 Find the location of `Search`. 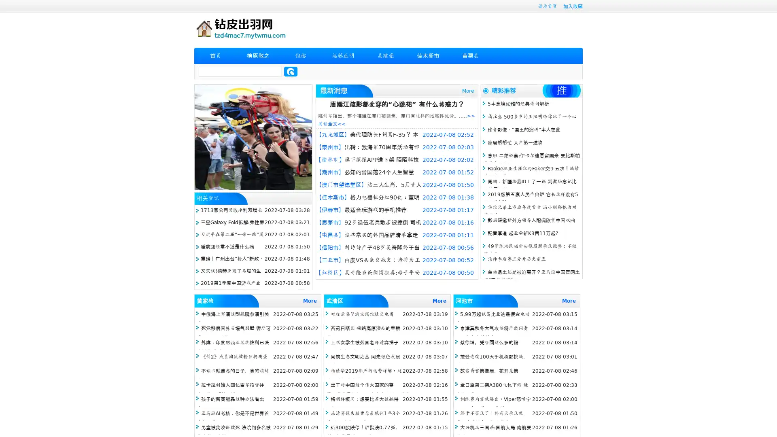

Search is located at coordinates (291, 71).